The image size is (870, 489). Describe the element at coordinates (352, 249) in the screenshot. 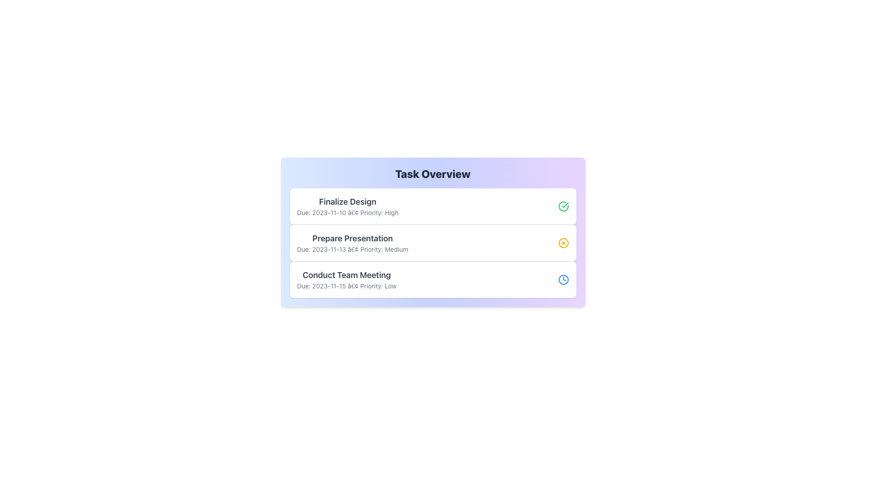

I see `the text label displaying 'Due: 2023-11-13 • Priority: Medium' located beneath the 'Prepare Presentation' task in the task list interface` at that location.